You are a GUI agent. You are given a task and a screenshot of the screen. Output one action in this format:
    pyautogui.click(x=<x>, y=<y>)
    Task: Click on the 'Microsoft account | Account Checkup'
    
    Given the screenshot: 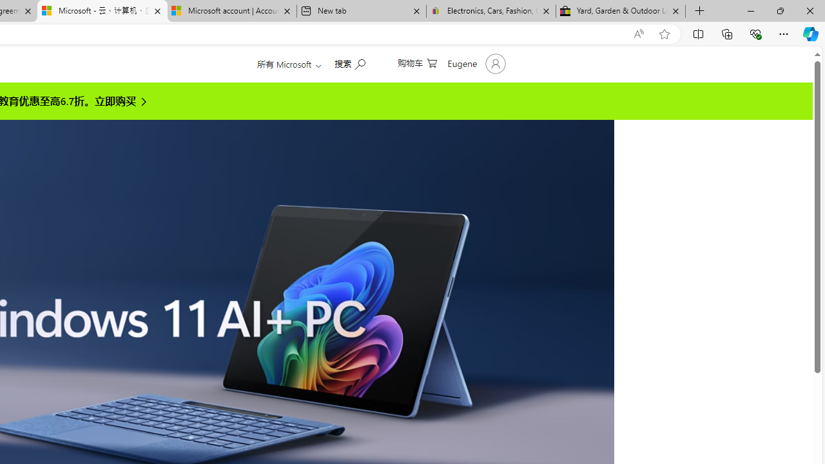 What is the action you would take?
    pyautogui.click(x=231, y=11)
    